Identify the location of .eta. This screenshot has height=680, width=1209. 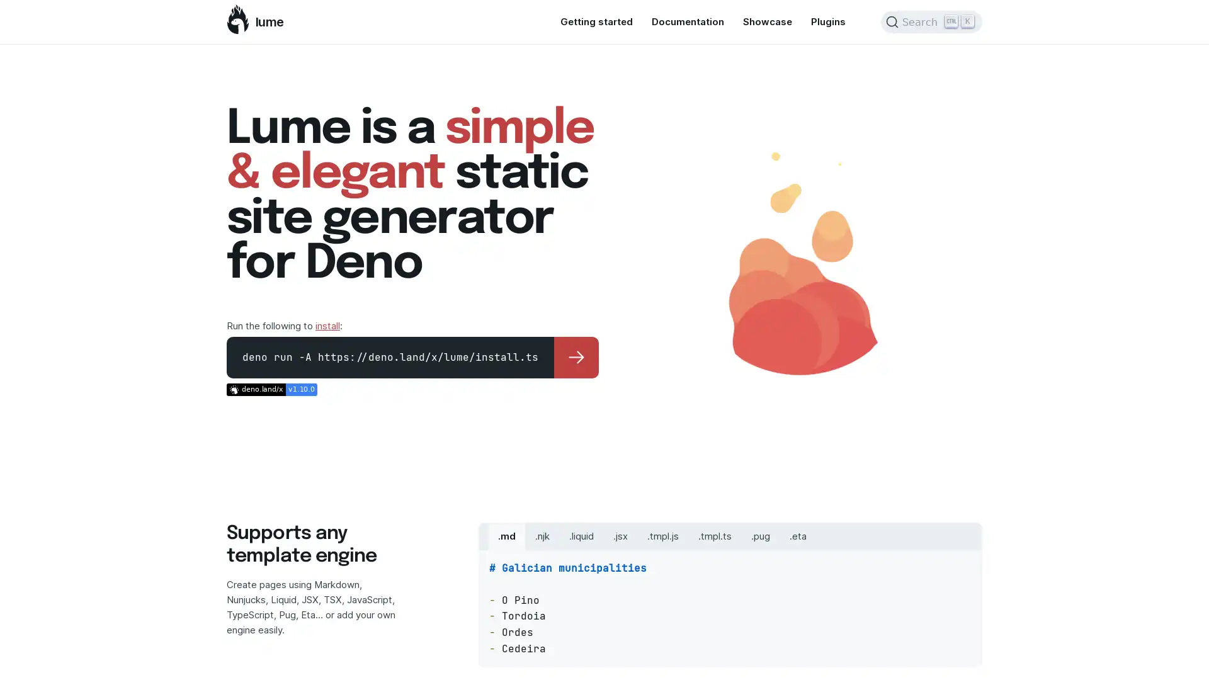
(797, 536).